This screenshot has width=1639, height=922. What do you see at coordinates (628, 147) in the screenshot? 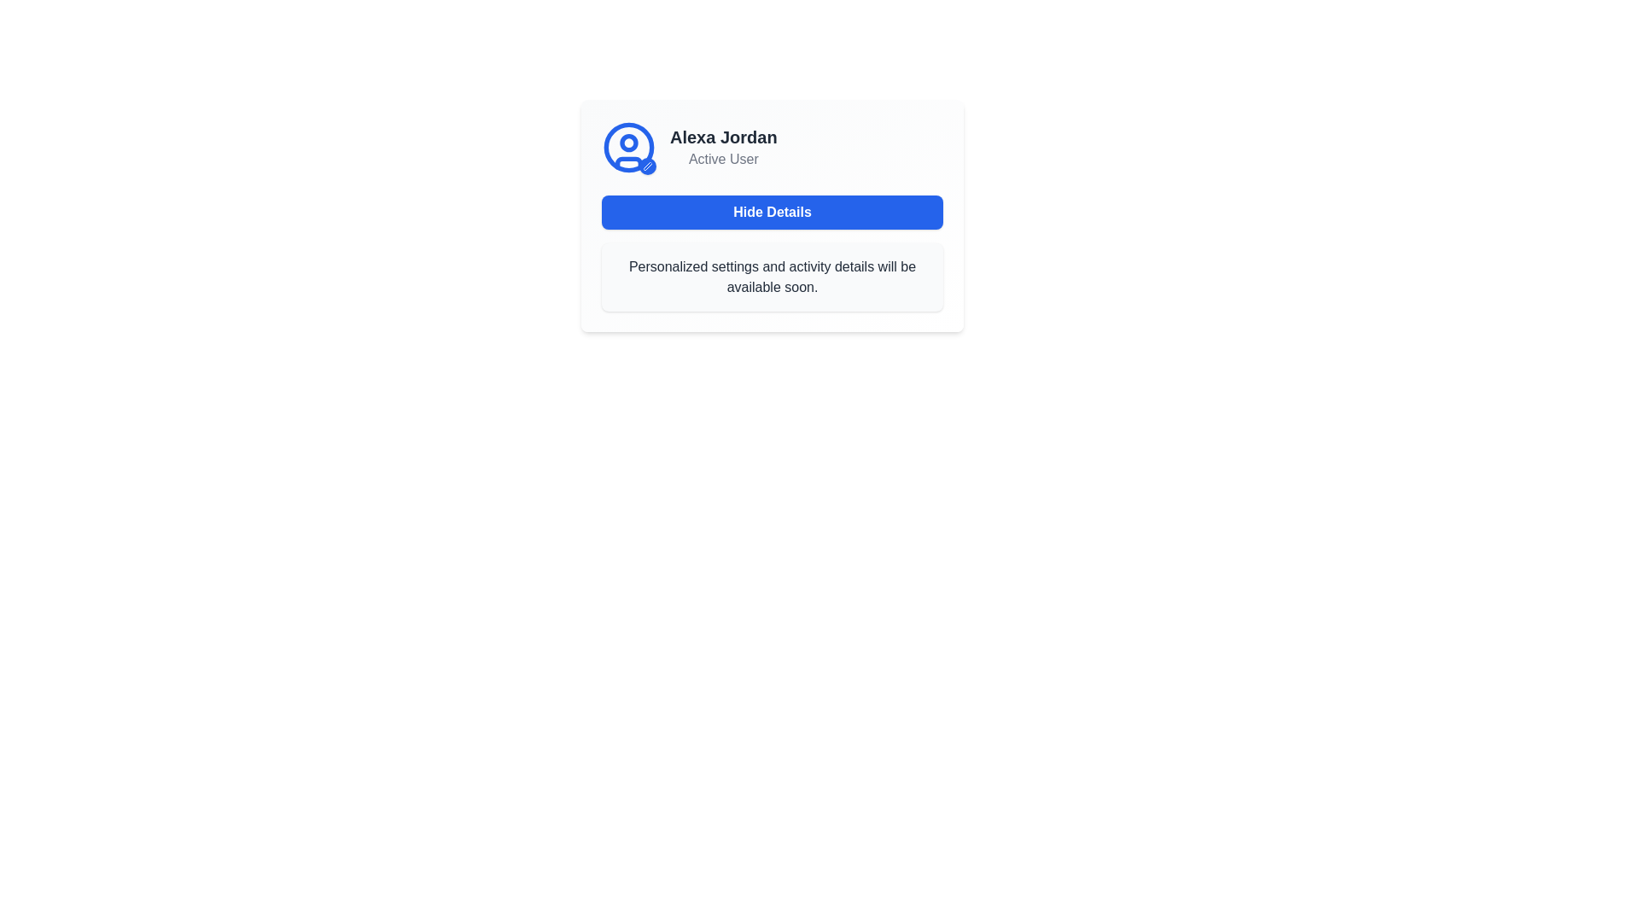
I see `the User Profile Icon with an Edit Feature, which is represented by a pencil icon, to initiate the editing mode for profile-related information` at bounding box center [628, 147].